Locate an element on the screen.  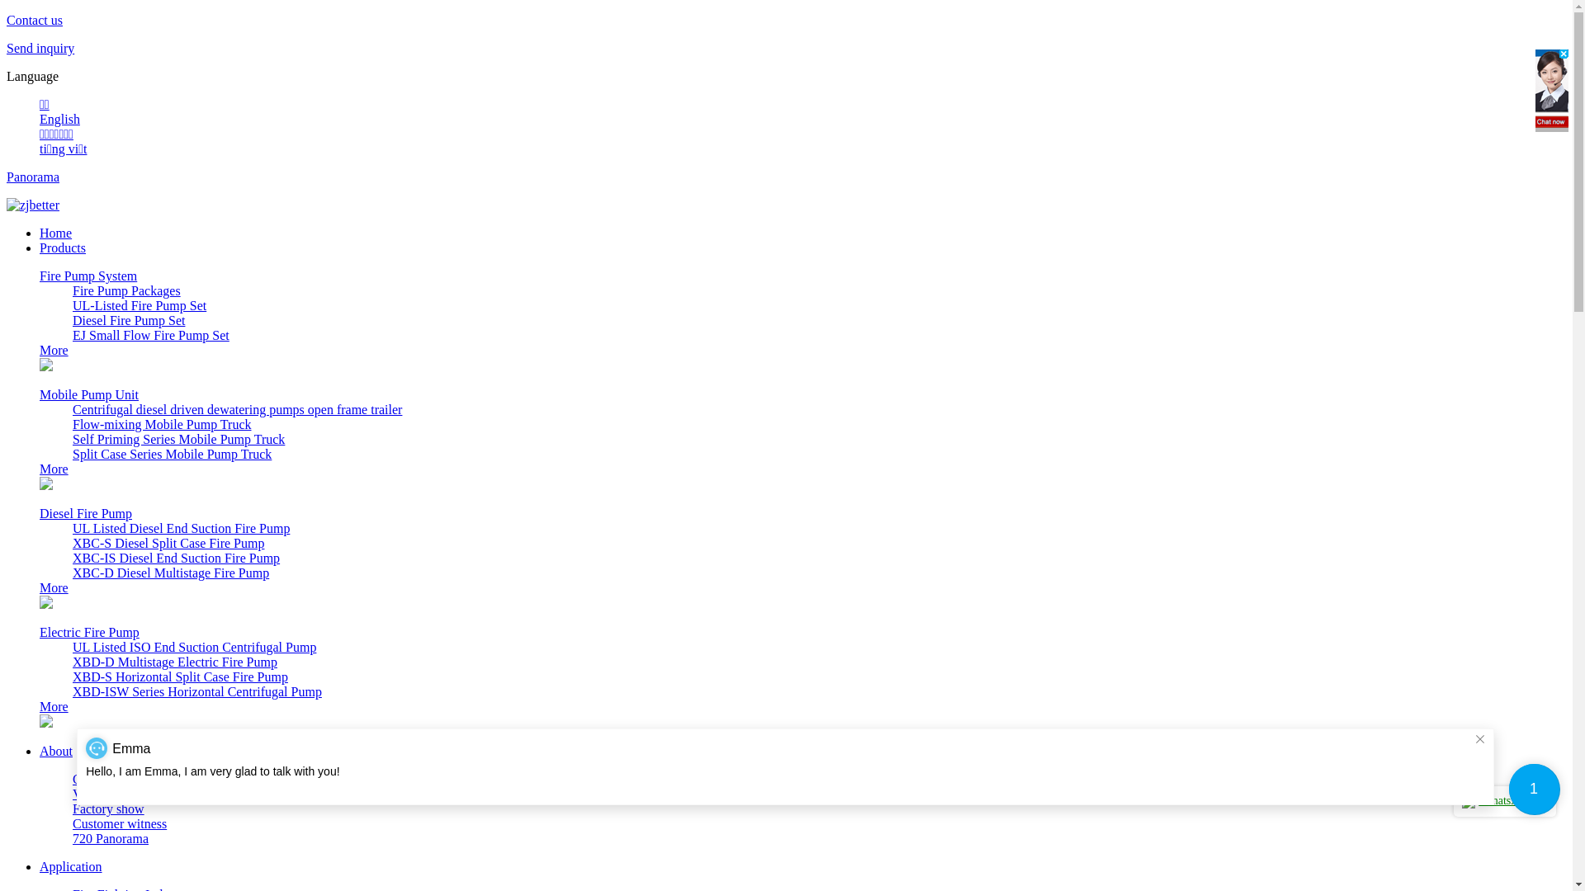
'720 Panorama' is located at coordinates (110, 838).